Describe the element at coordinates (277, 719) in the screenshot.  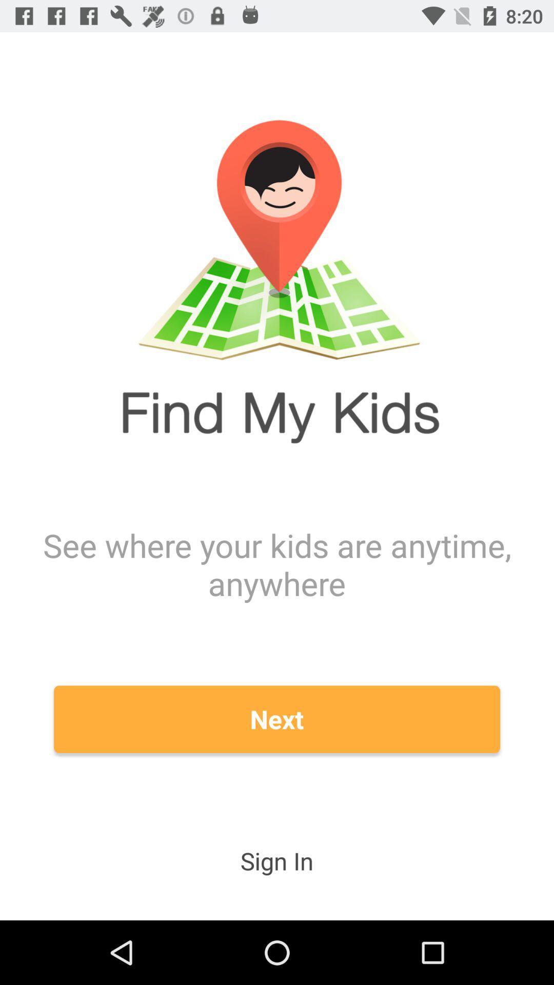
I see `the item below see where your item` at that location.